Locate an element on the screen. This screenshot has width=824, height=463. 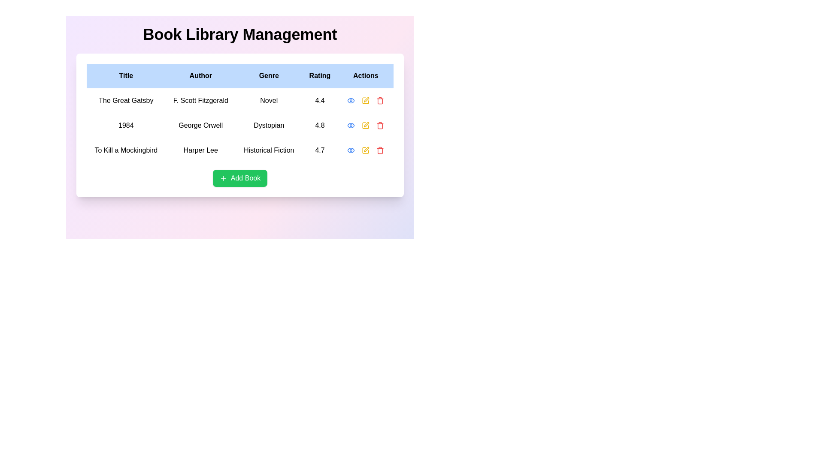
the yellow pencil icon located under the 'Actions' column for the 'To Kill a Mockingbird' entry to initiate editing is located at coordinates (366, 150).